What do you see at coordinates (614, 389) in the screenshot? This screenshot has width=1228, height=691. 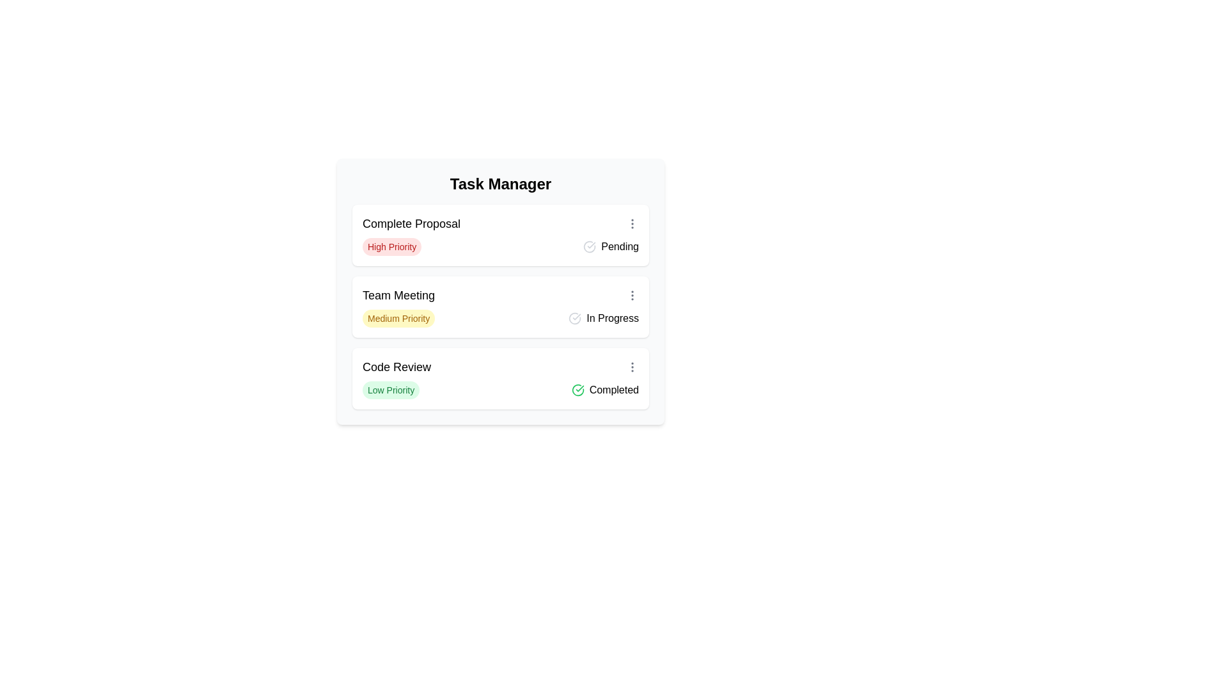 I see `the displayed text label reading 'Completed'` at bounding box center [614, 389].